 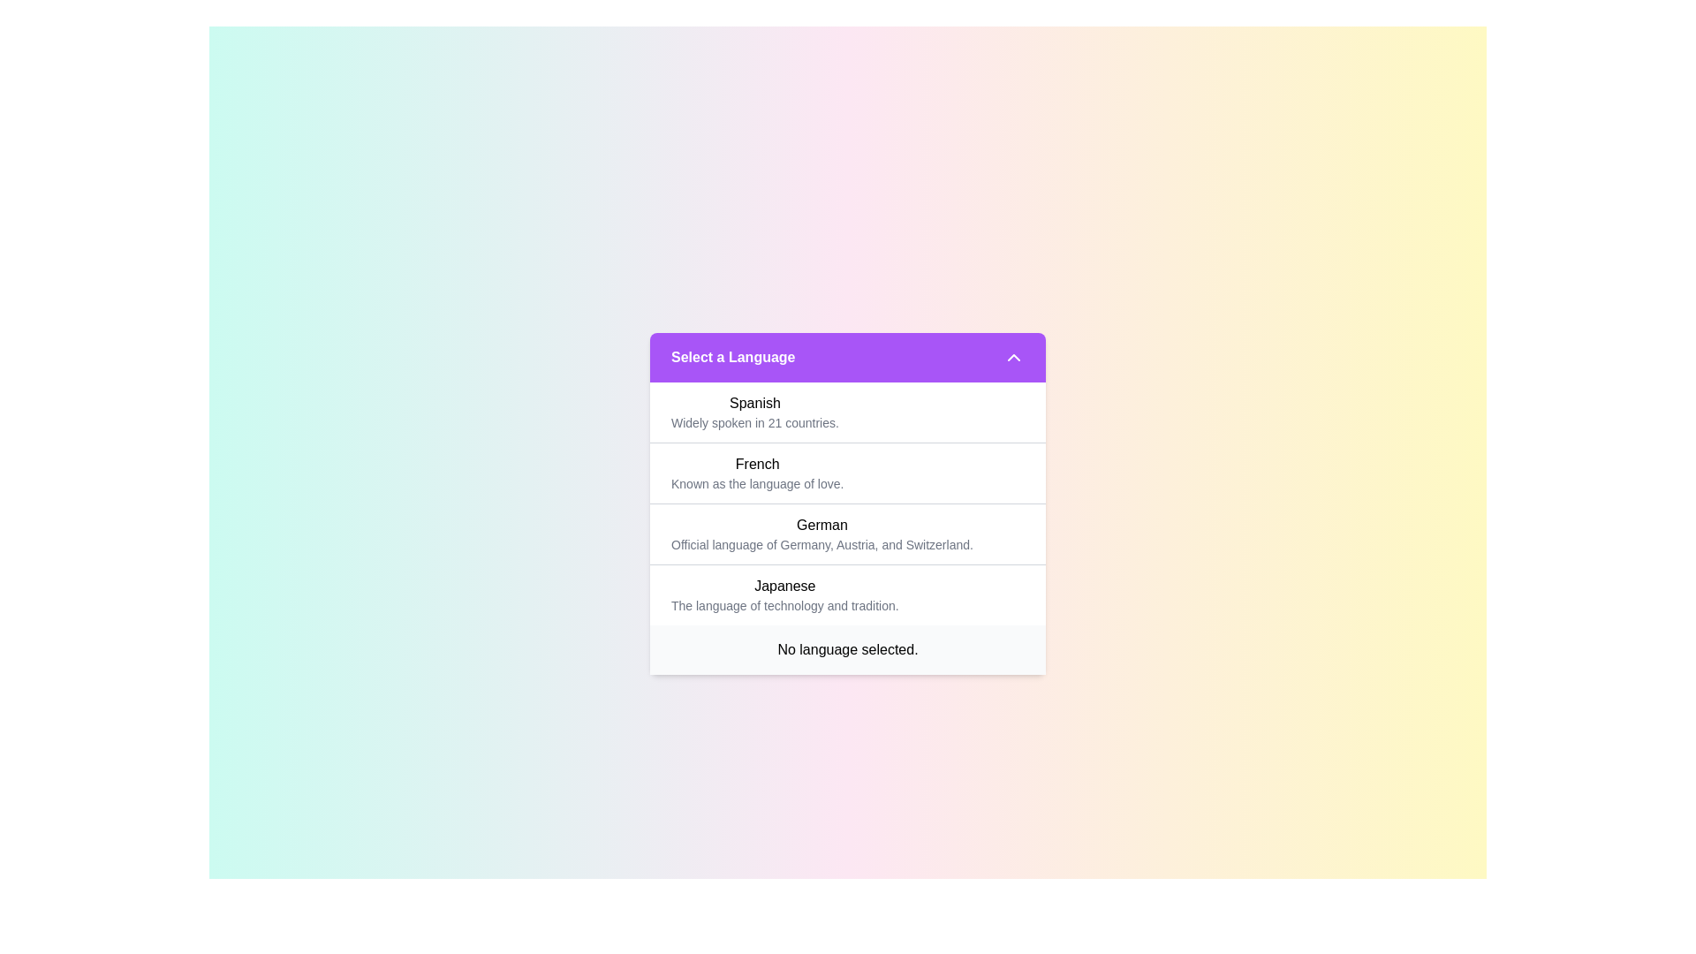 What do you see at coordinates (821, 533) in the screenshot?
I see `the third entry in the 'Select a Language' list, which displays 'German' in bold followed by its description` at bounding box center [821, 533].